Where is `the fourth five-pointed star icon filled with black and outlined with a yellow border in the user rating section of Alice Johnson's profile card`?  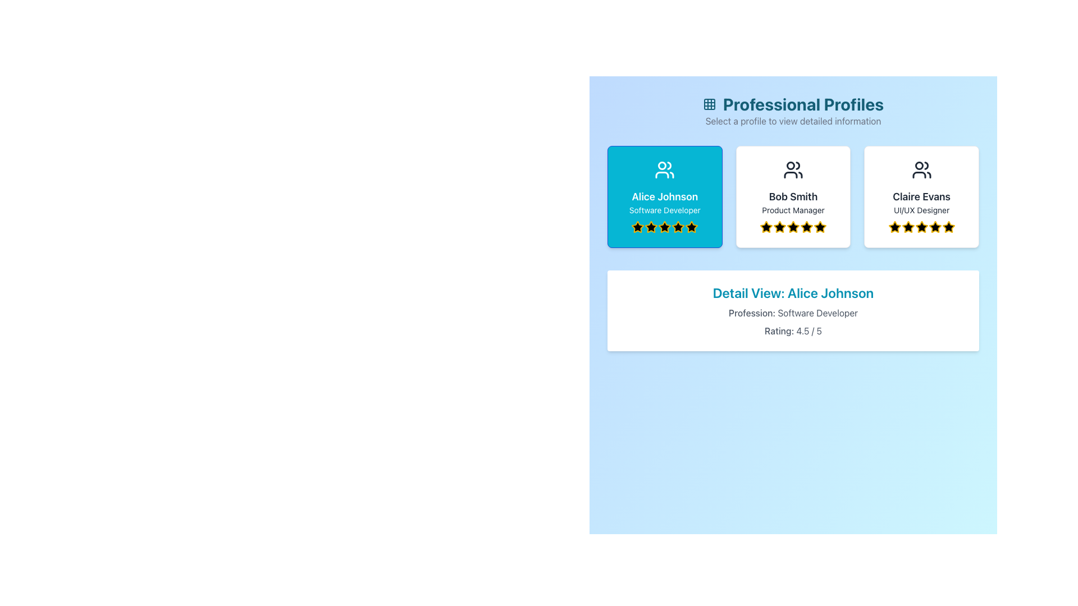 the fourth five-pointed star icon filled with black and outlined with a yellow border in the user rating section of Alice Johnson's profile card is located at coordinates (665, 227).